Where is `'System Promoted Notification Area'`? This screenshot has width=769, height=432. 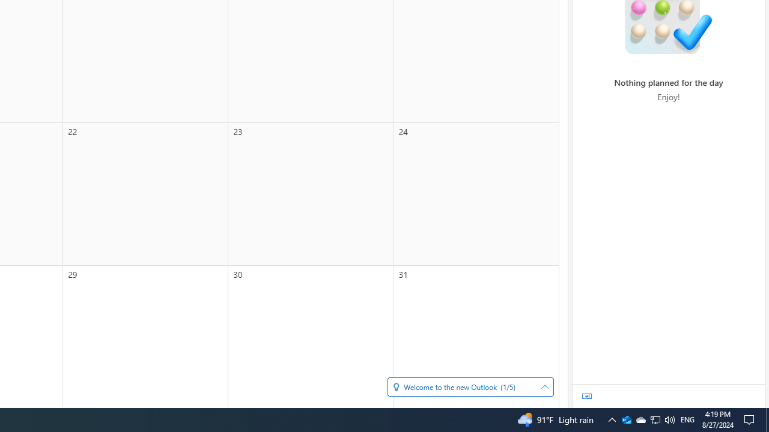 'System Promoted Notification Area' is located at coordinates (640, 419).